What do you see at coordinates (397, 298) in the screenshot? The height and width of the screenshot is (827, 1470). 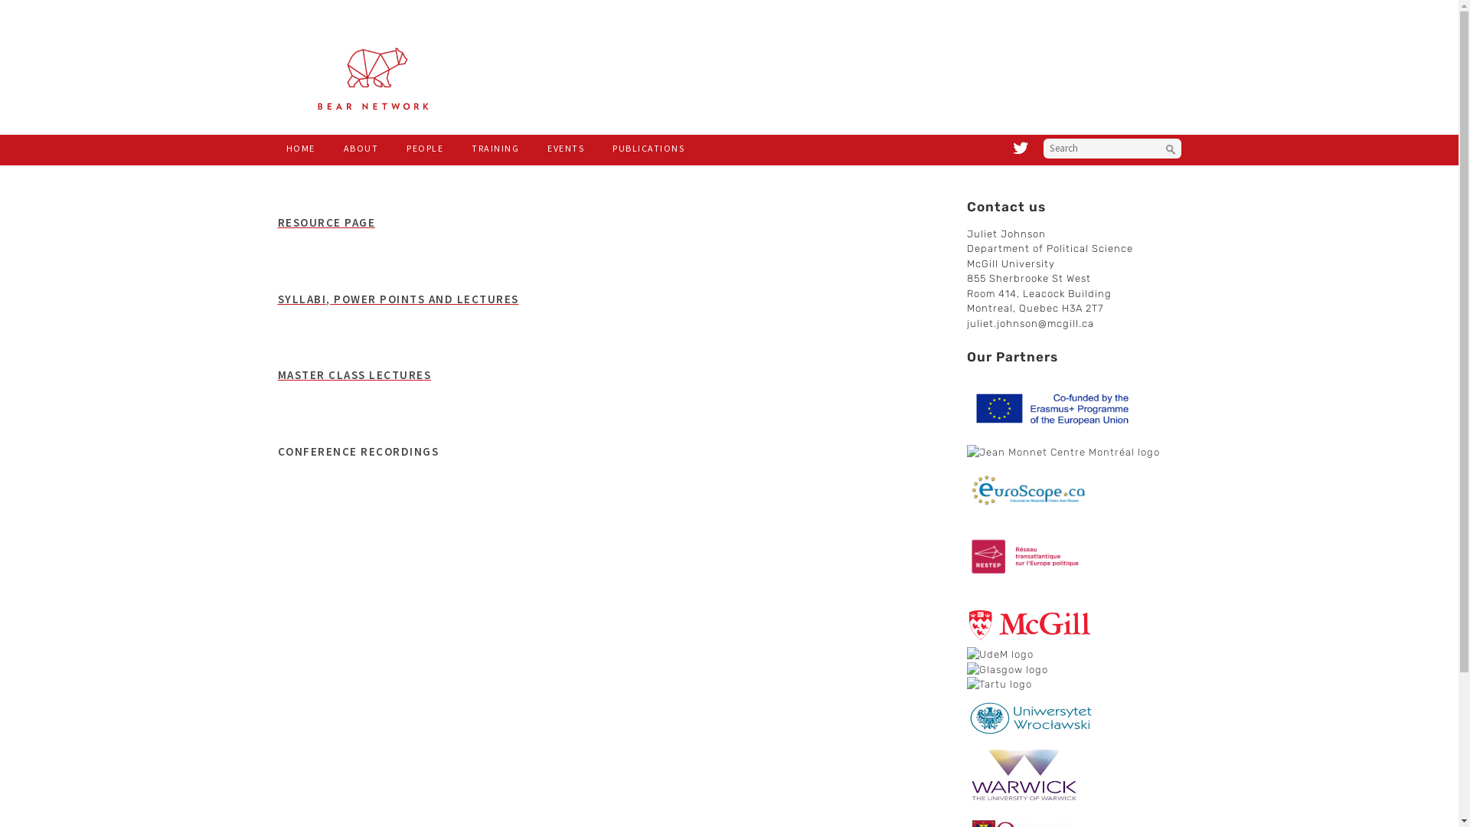 I see `'SYLLABI, POWER POINTS AND LECTURES'` at bounding box center [397, 298].